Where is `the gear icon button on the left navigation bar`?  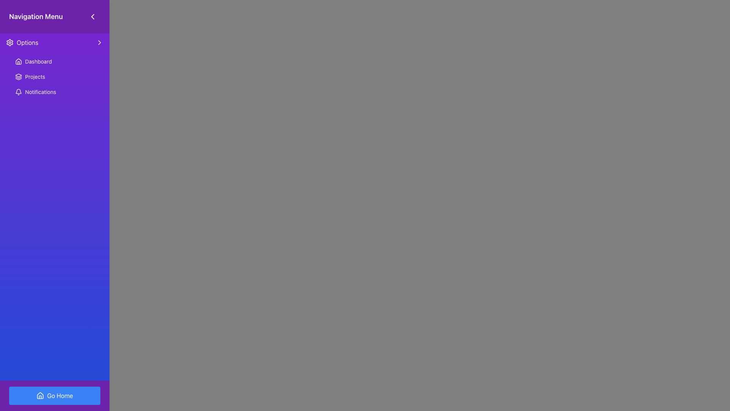
the gear icon button on the left navigation bar is located at coordinates (10, 42).